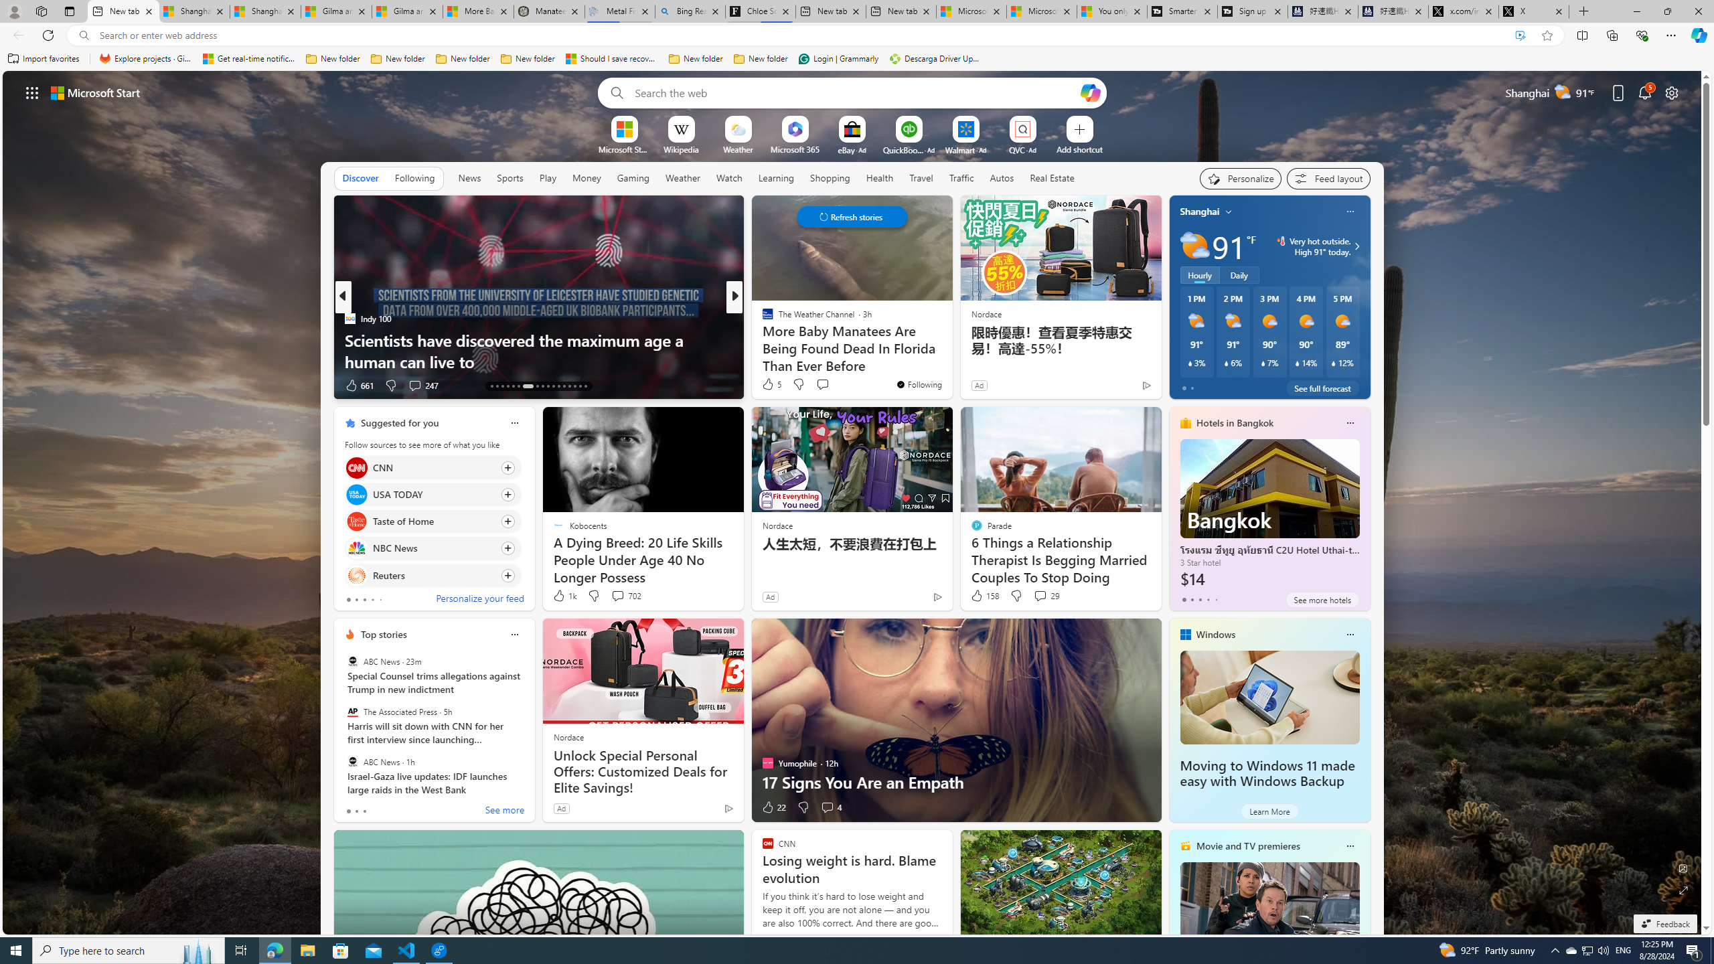  Describe the element at coordinates (1045, 594) in the screenshot. I see `'View comments 29 Comment'` at that location.